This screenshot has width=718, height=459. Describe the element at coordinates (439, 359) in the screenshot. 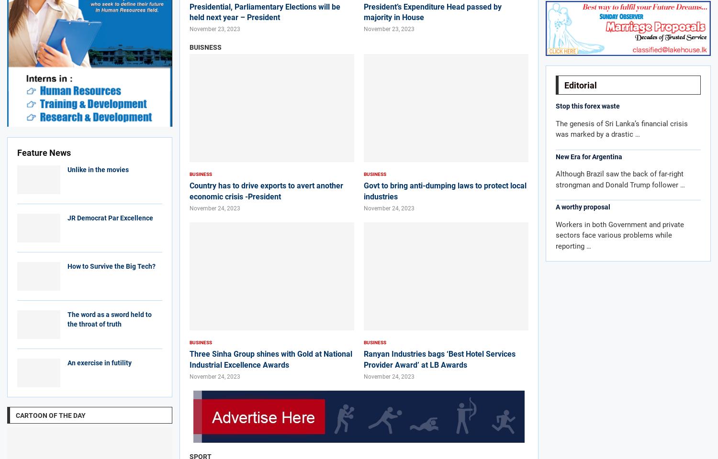

I see `'Ranyan Industries bags ‘Best Hotel Services Provider Award’ at LB Awards'` at that location.